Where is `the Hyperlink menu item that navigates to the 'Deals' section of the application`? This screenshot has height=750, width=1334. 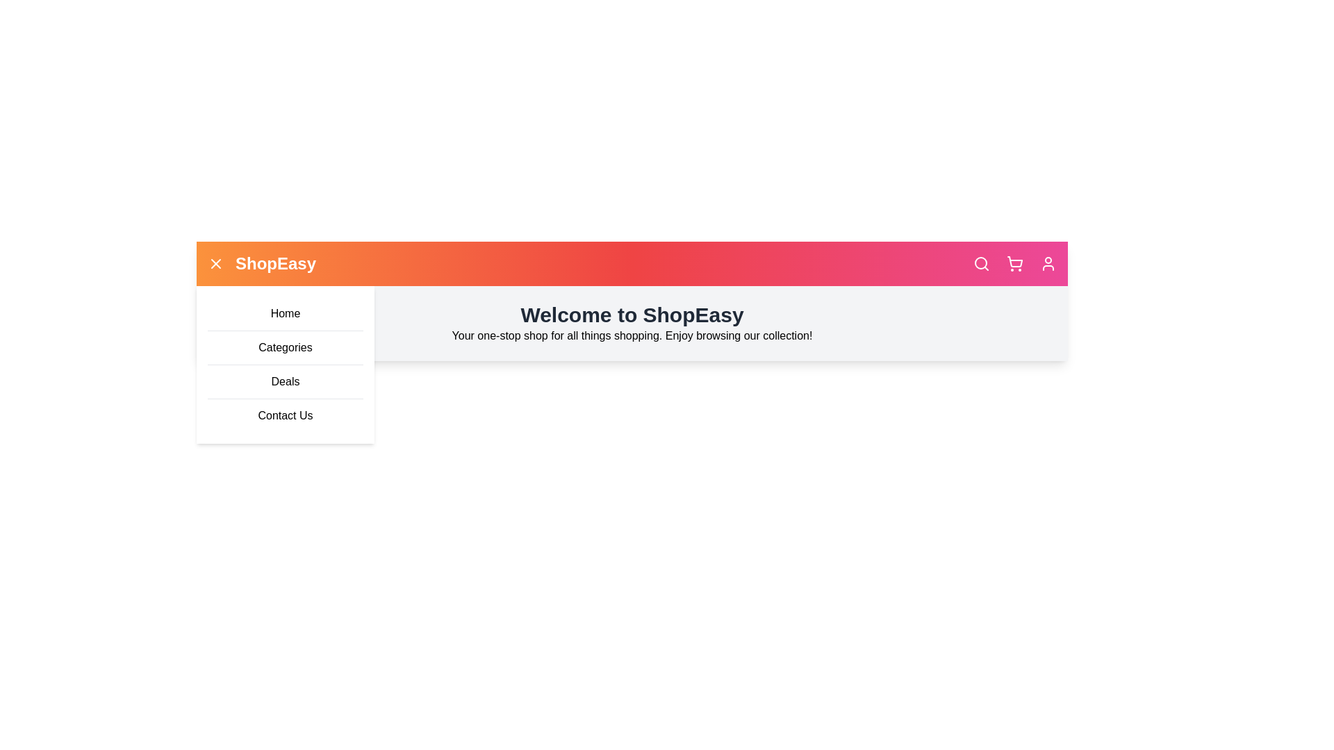
the Hyperlink menu item that navigates to the 'Deals' section of the application is located at coordinates (285, 381).